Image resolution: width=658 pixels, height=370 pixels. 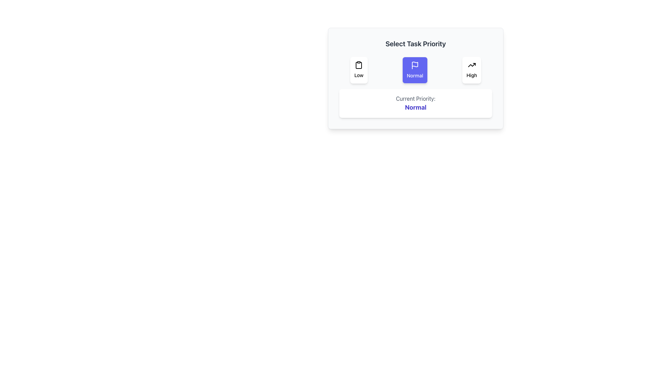 I want to click on the 'Low' priority button in the 'Select Task Priority' section, so click(x=358, y=70).